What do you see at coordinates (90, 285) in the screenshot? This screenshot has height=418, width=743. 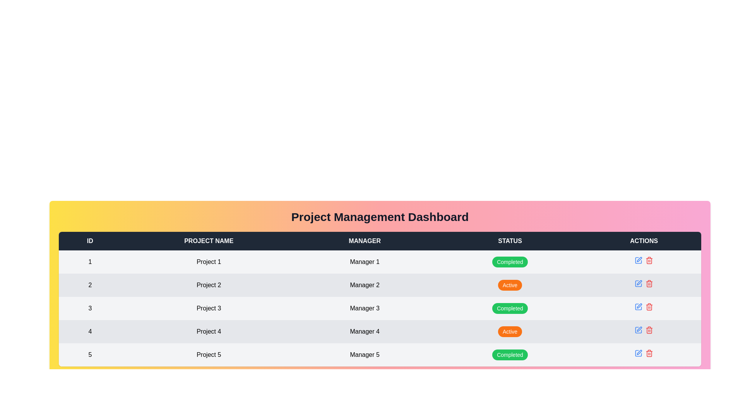 I see `the first column in the second row of the table, which serves as the identifier for 'Project 2', to focus on it` at bounding box center [90, 285].